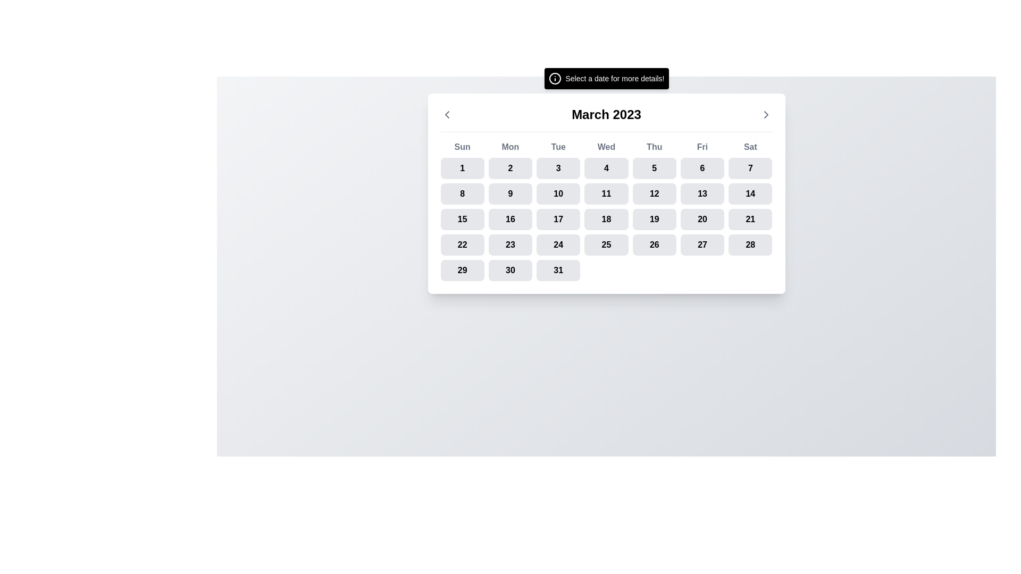  What do you see at coordinates (702, 167) in the screenshot?
I see `the calendar date display representing the date '6' under the column for 'Fri'` at bounding box center [702, 167].